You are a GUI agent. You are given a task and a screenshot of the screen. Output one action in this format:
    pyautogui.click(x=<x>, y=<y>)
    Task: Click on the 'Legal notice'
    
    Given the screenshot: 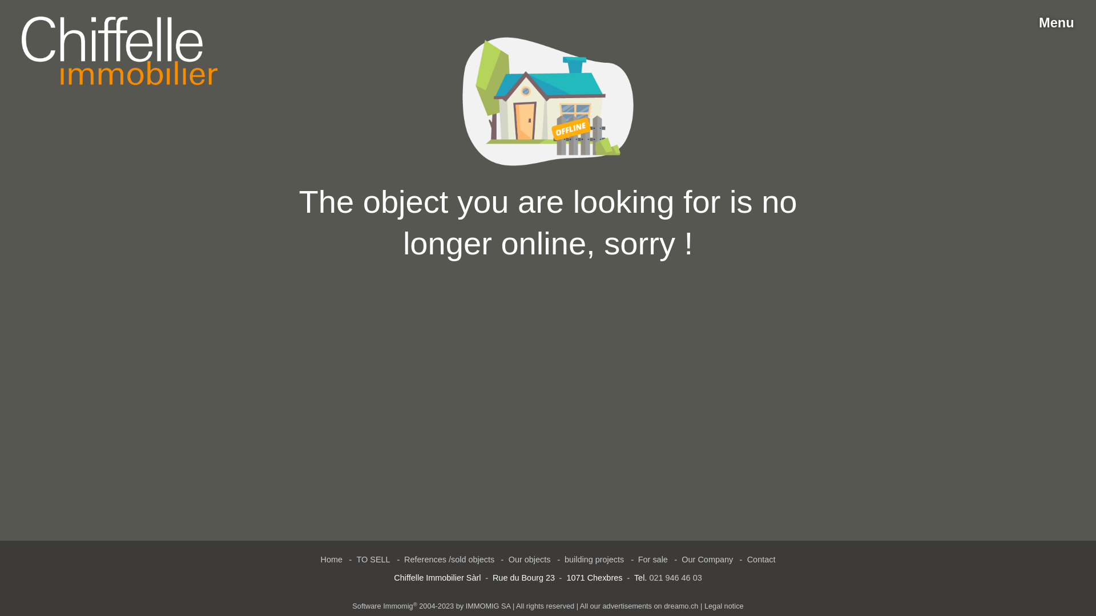 What is the action you would take?
    pyautogui.click(x=723, y=605)
    